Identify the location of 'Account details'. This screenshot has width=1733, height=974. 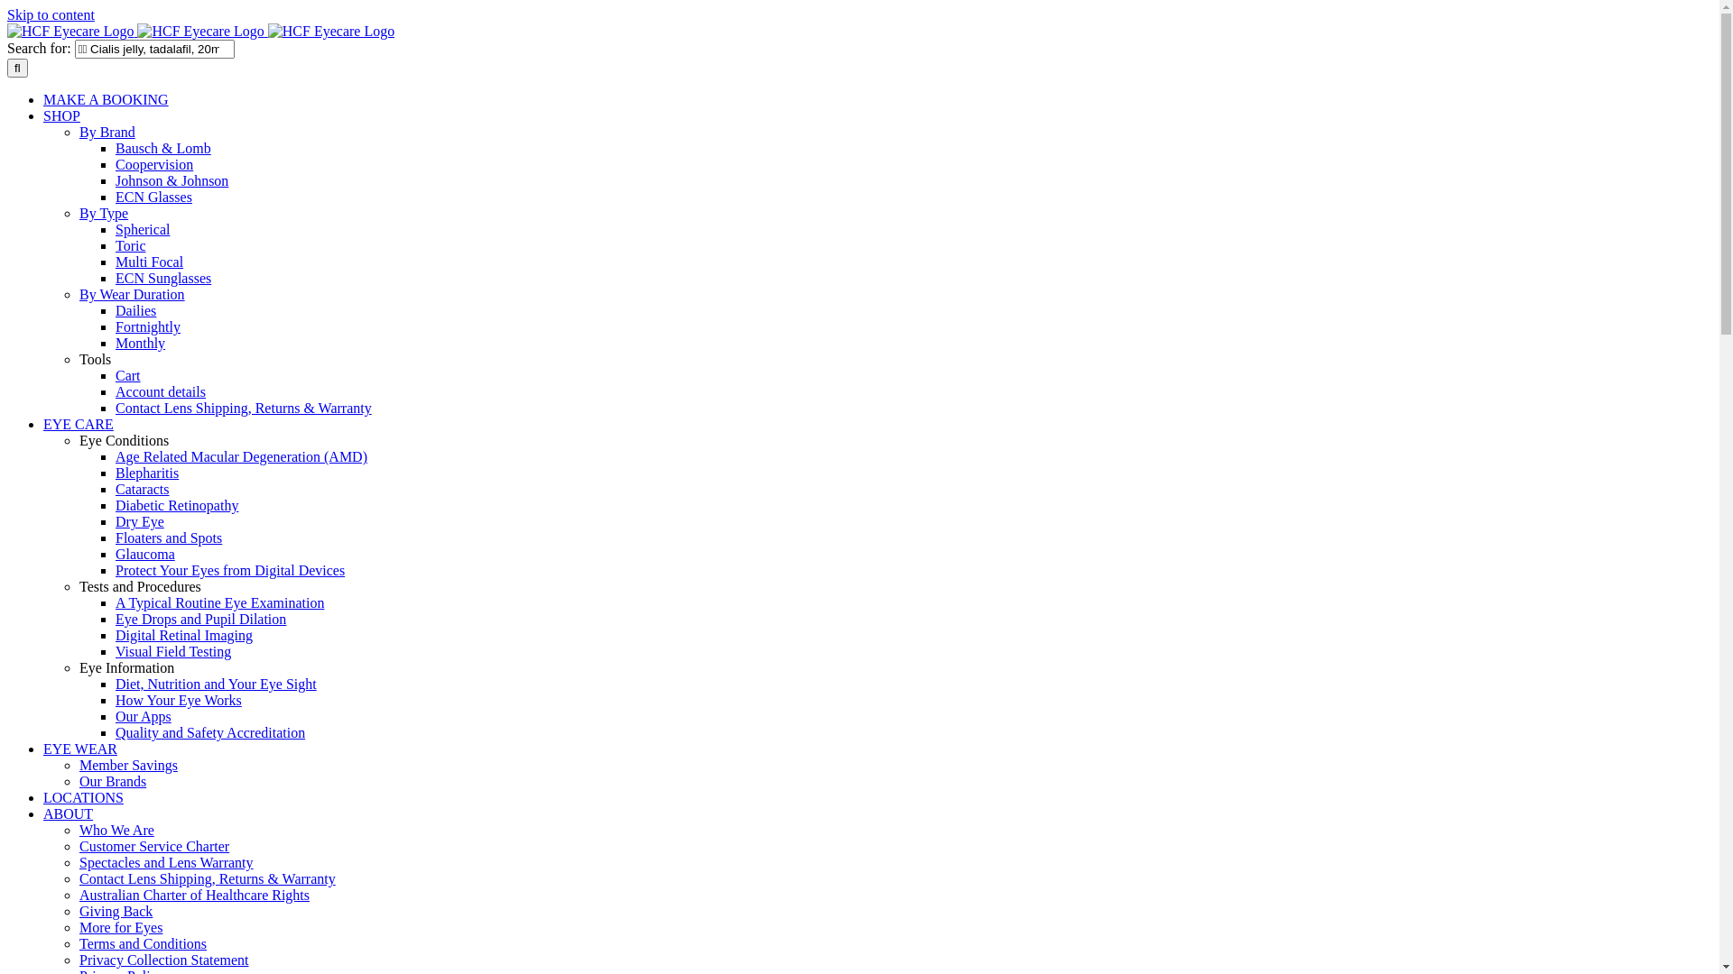
(160, 391).